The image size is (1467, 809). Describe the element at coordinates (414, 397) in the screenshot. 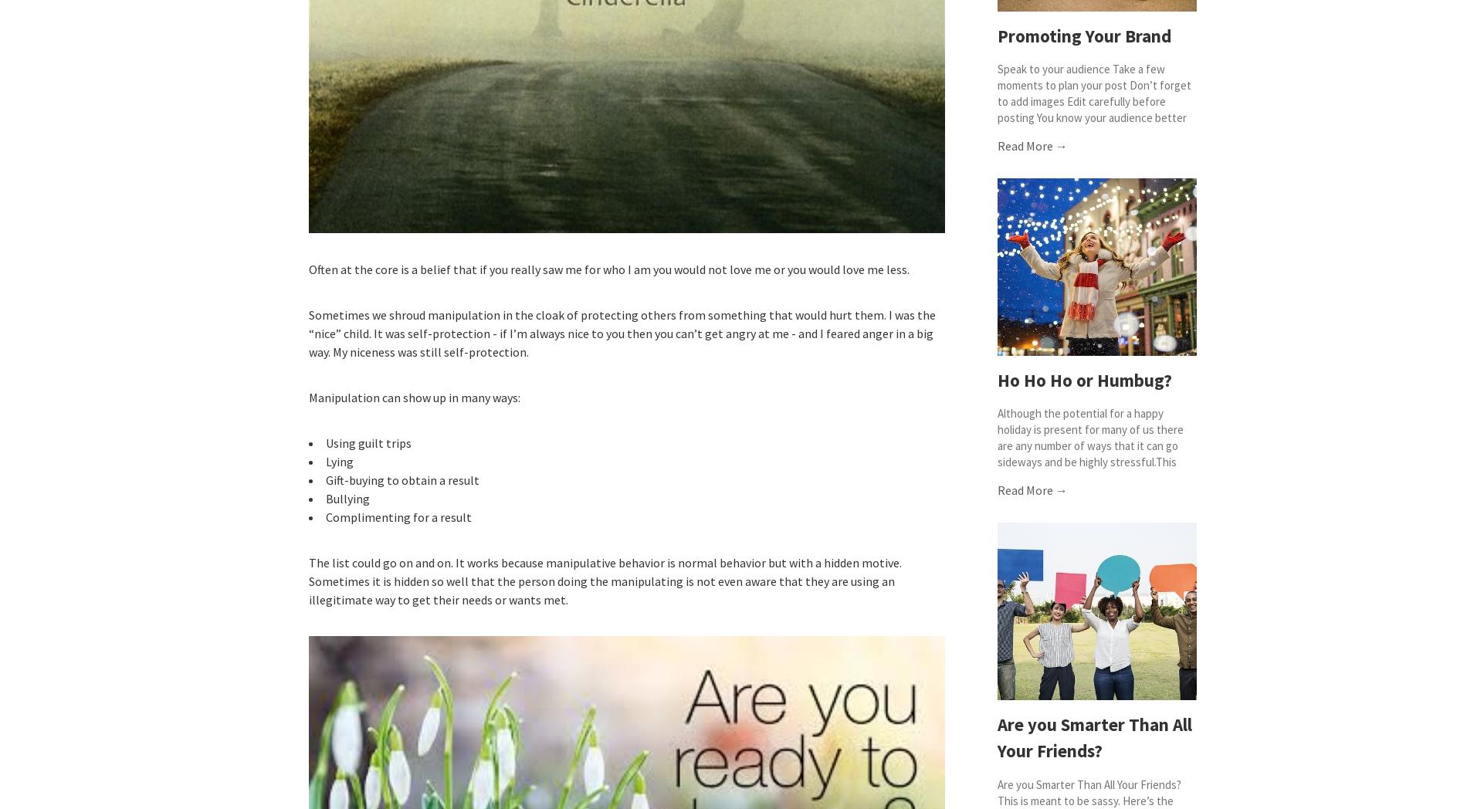

I see `'Manipulation can show up in many ways:'` at that location.